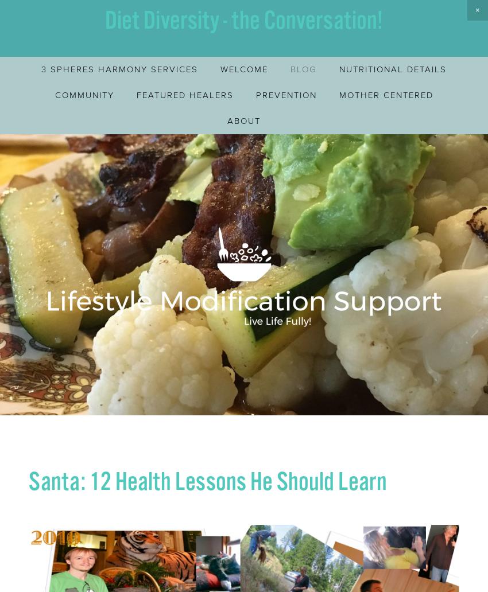  Describe the element at coordinates (303, 69) in the screenshot. I see `'blog'` at that location.